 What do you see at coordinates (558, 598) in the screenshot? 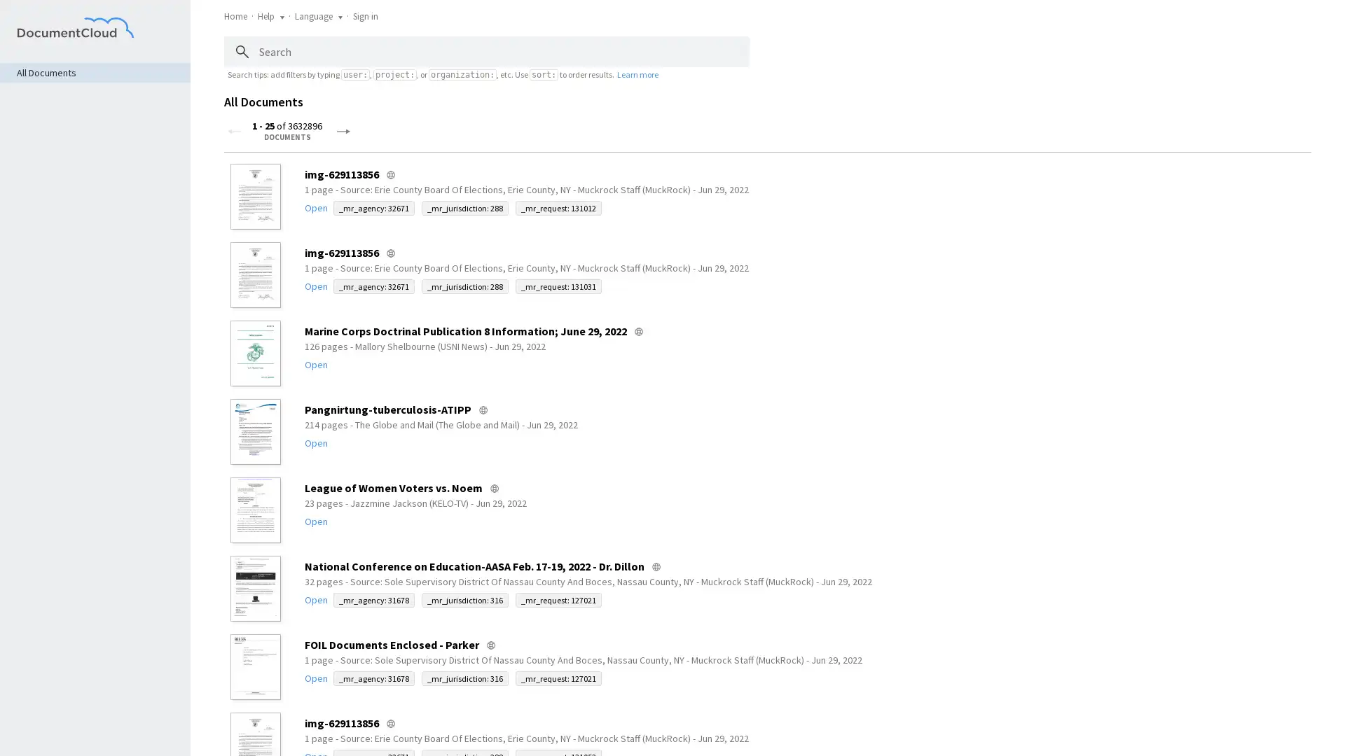
I see `_mr_request: 127021` at bounding box center [558, 598].